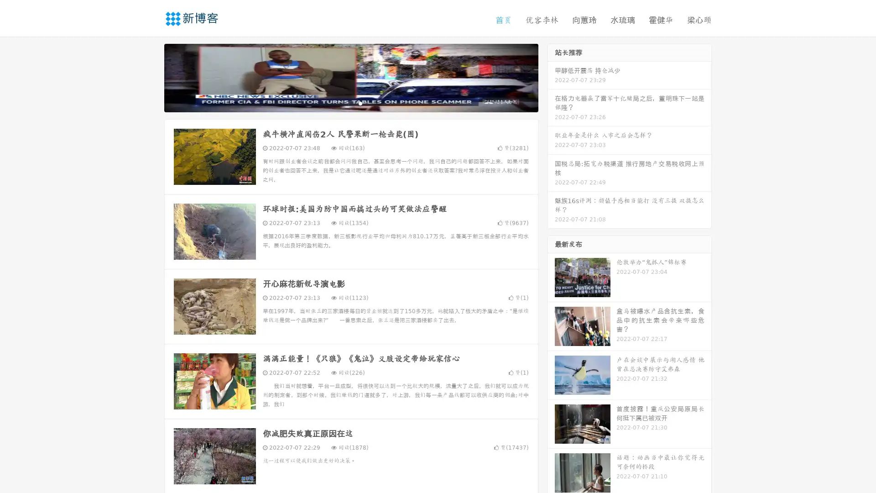 This screenshot has width=876, height=493. What do you see at coordinates (350, 103) in the screenshot?
I see `Go to slide 2` at bounding box center [350, 103].